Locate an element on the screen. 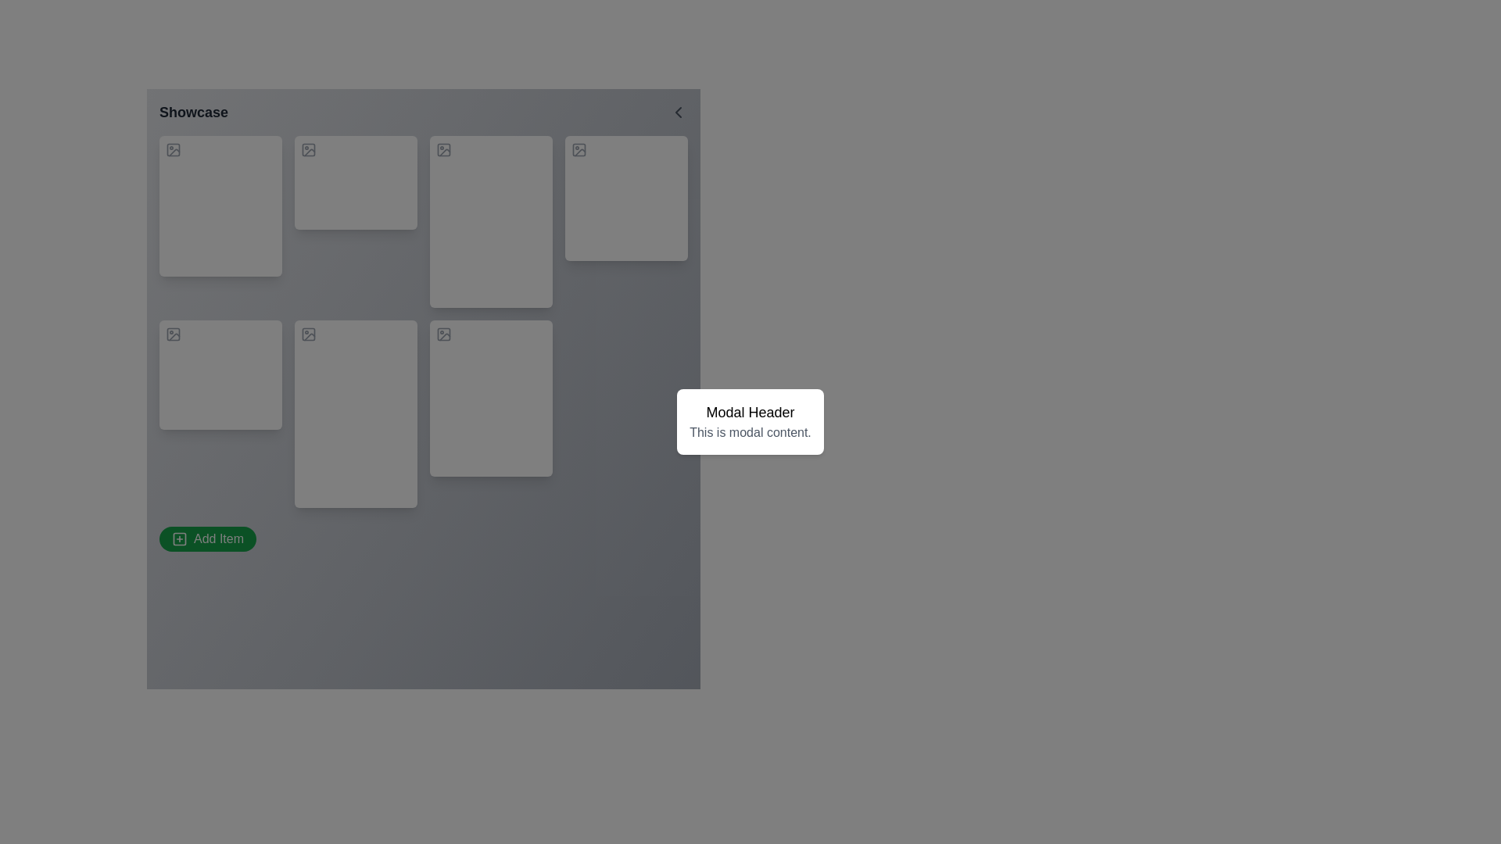  the missing image indicator icon located in the top-right corner of the second card in the 'Showcase' section is located at coordinates (442, 150).